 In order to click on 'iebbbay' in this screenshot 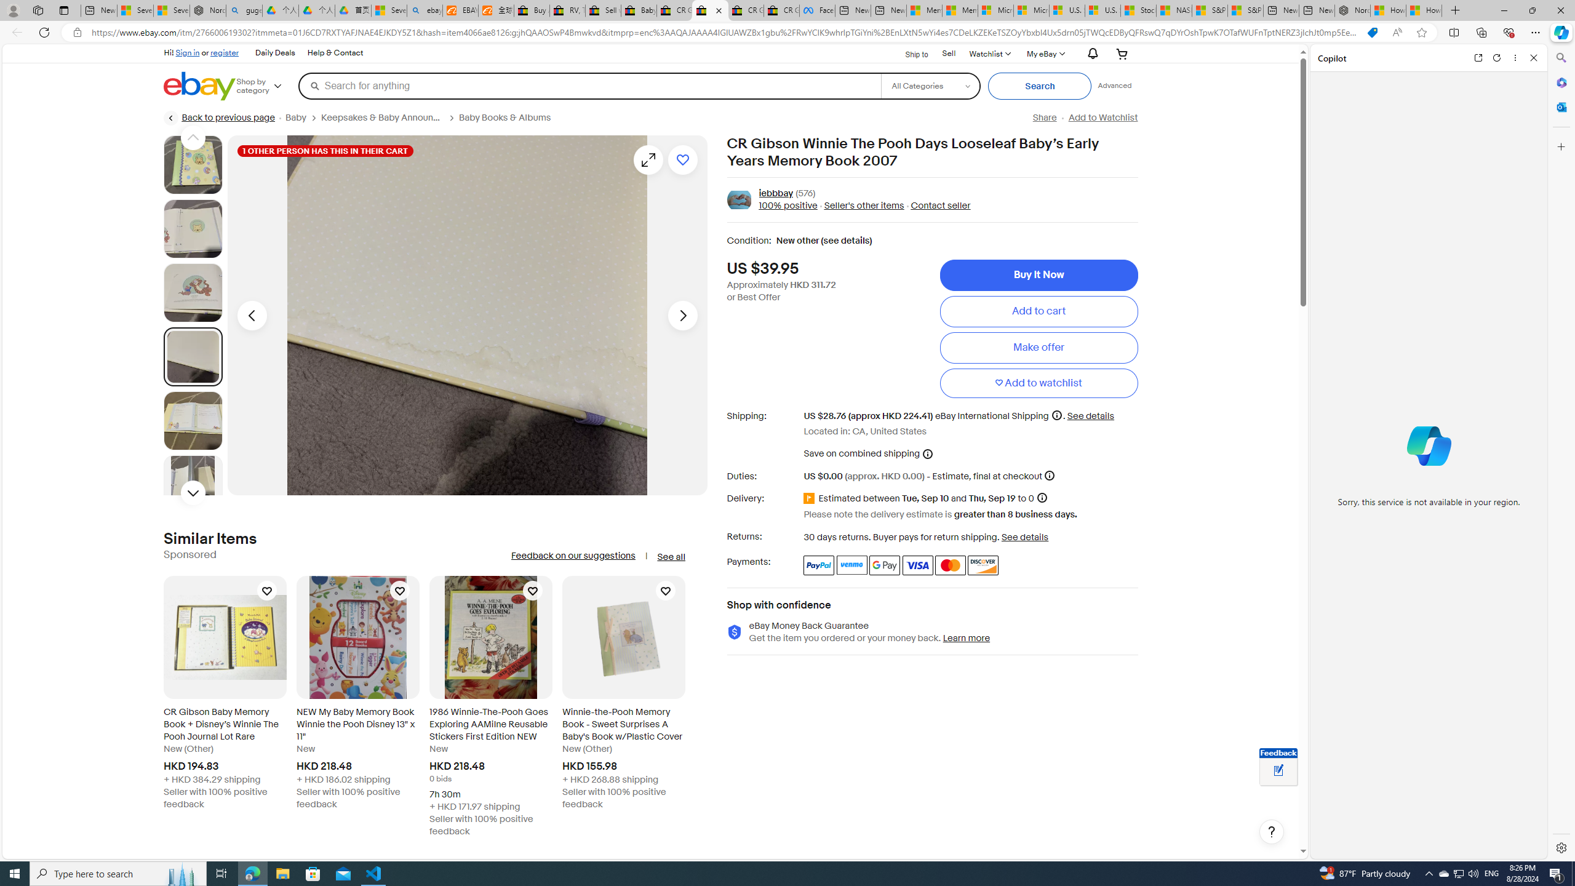, I will do `click(776, 193)`.